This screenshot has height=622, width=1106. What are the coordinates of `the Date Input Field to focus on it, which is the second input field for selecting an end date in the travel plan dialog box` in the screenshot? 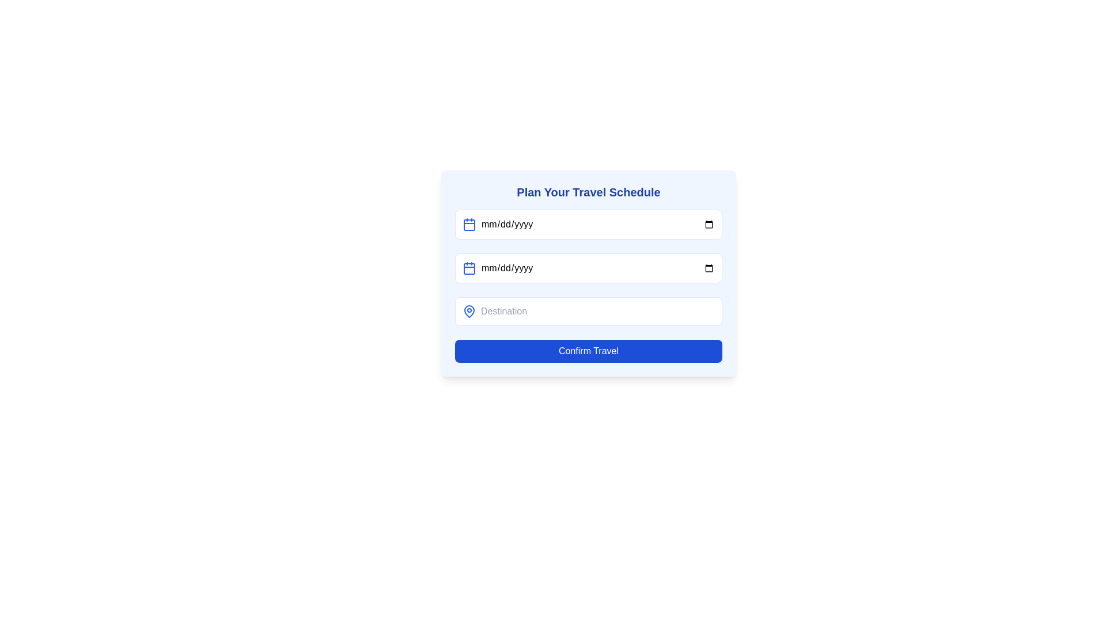 It's located at (589, 268).